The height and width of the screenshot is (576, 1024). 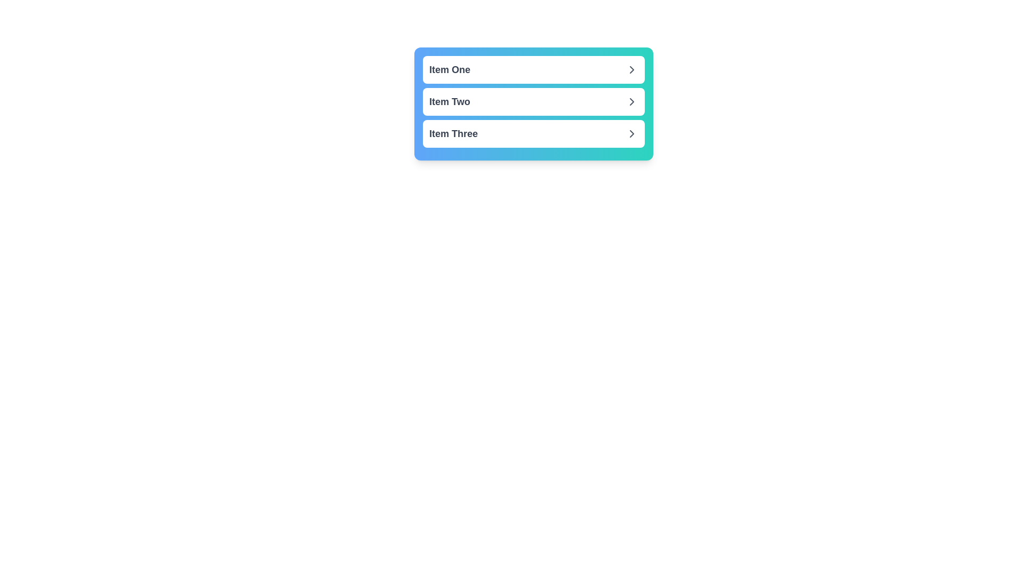 I want to click on the navigation arrow icon located on the far right side of the third list item labeled 'Item Three', so click(x=632, y=133).